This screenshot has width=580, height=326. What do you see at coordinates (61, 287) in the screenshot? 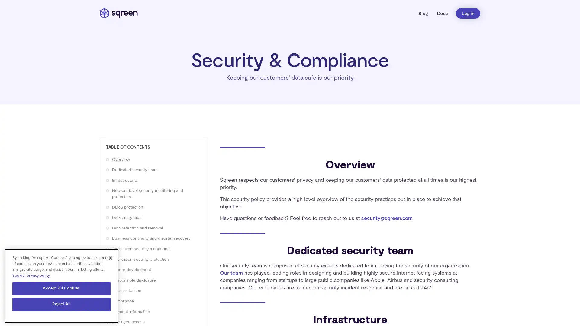
I see `Accept All Cookies` at bounding box center [61, 287].